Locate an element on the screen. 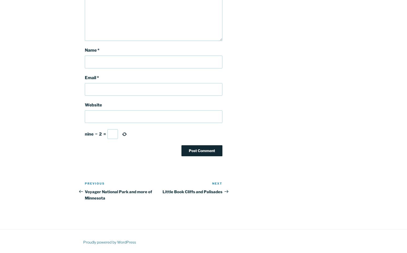 Image resolution: width=407 pixels, height=253 pixels. 'nine' is located at coordinates (89, 134).